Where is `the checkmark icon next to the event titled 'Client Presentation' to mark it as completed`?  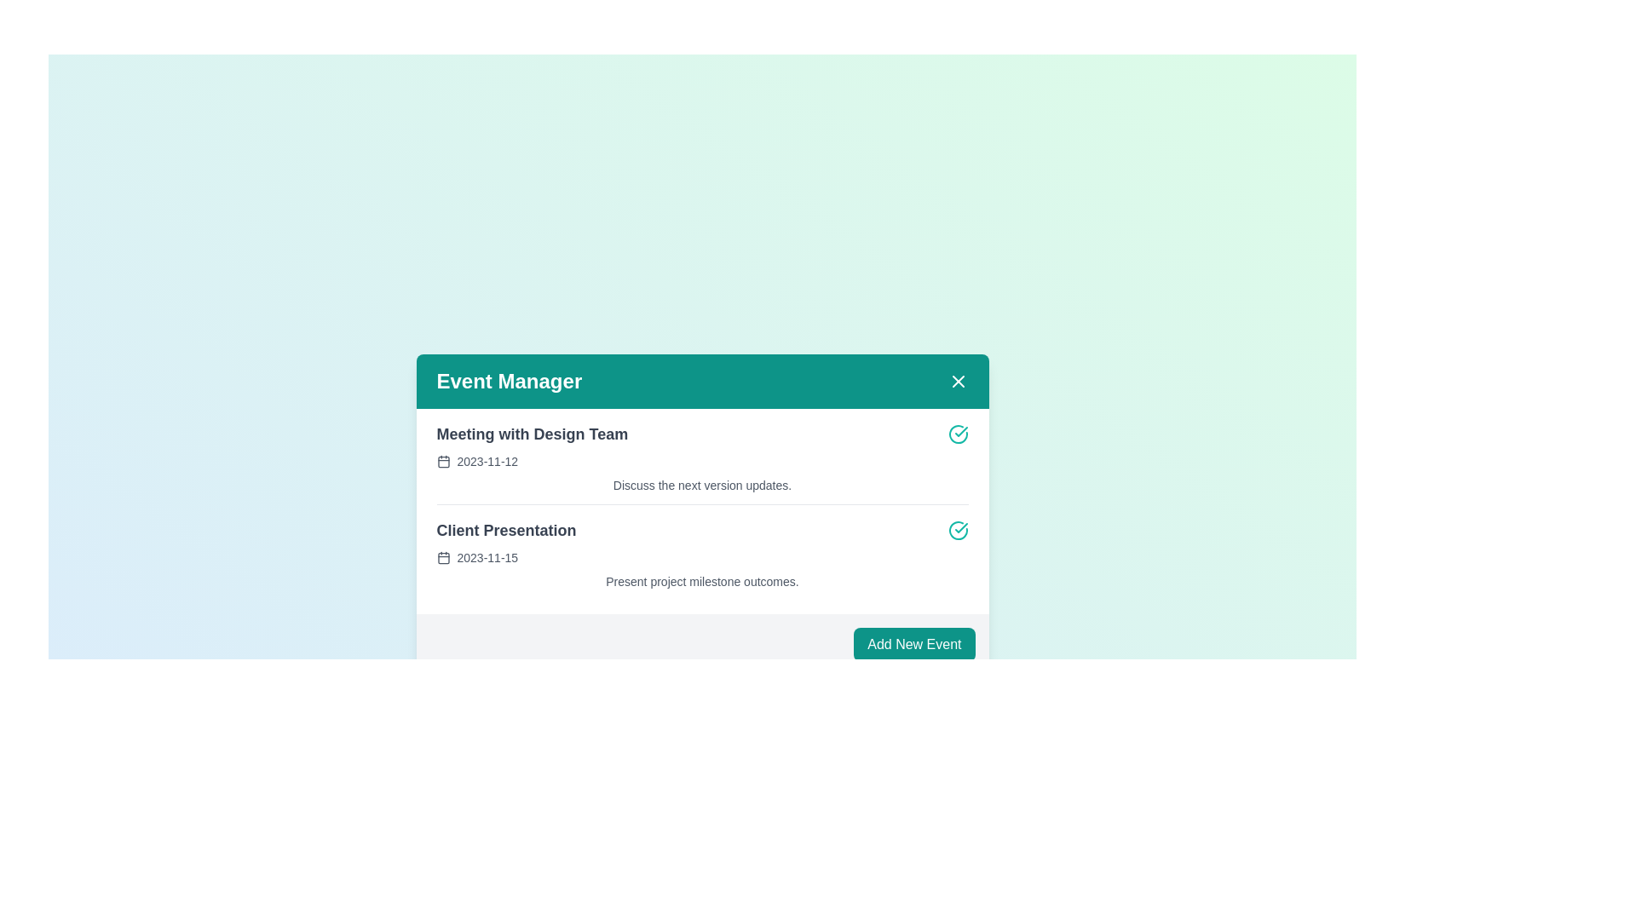 the checkmark icon next to the event titled 'Client Presentation' to mark it as completed is located at coordinates (958, 529).